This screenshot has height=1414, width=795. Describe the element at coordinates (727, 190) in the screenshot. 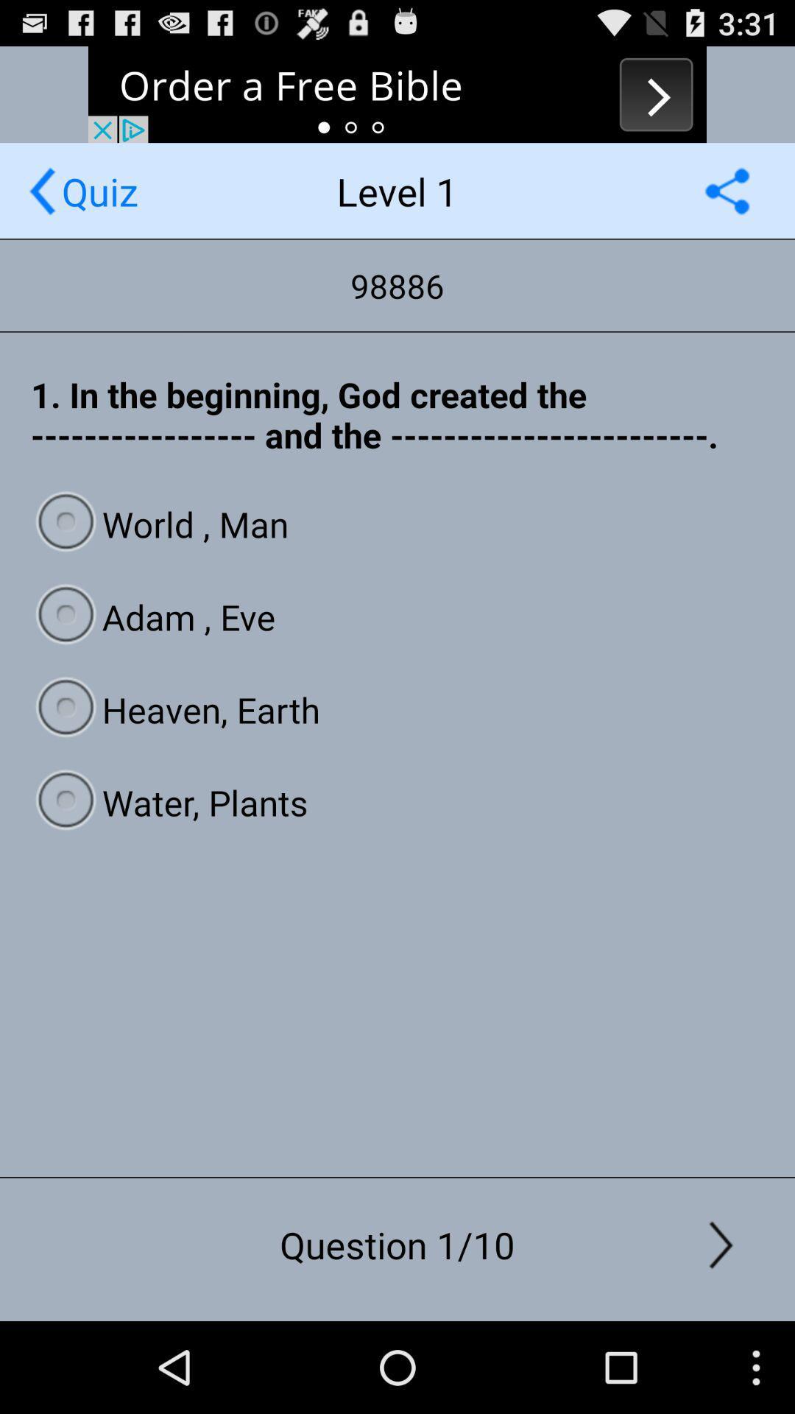

I see `share` at that location.